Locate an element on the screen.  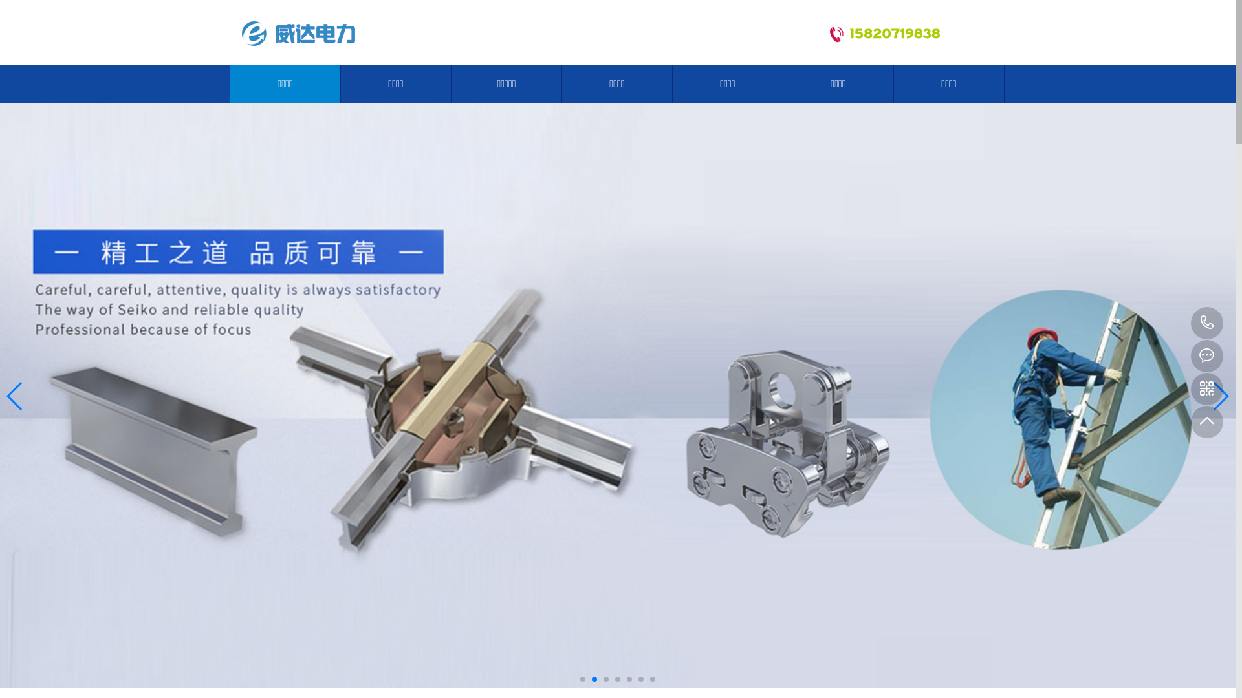
'15820719838' is located at coordinates (1206, 323).